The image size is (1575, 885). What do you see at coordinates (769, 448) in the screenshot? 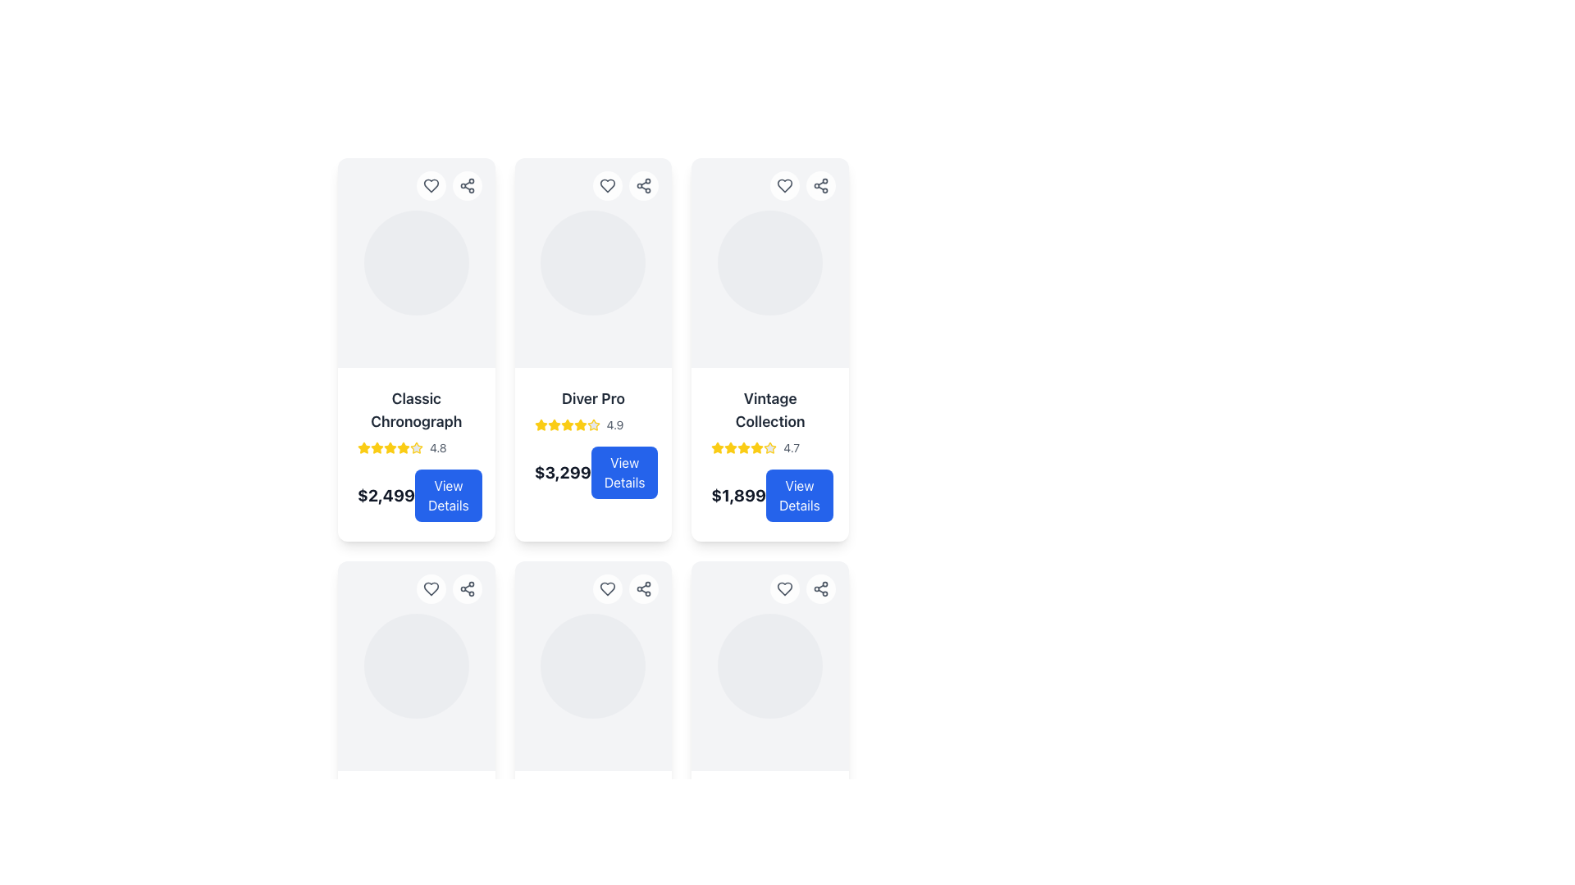
I see `the rating value of the yellow star icon representing the numerical rating of '4.7' for the Vintage Collection product` at bounding box center [769, 448].